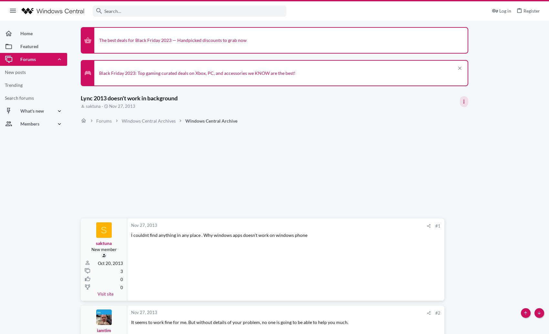 Image resolution: width=549 pixels, height=334 pixels. What do you see at coordinates (148, 120) in the screenshot?
I see `'Windows Central Archives'` at bounding box center [148, 120].